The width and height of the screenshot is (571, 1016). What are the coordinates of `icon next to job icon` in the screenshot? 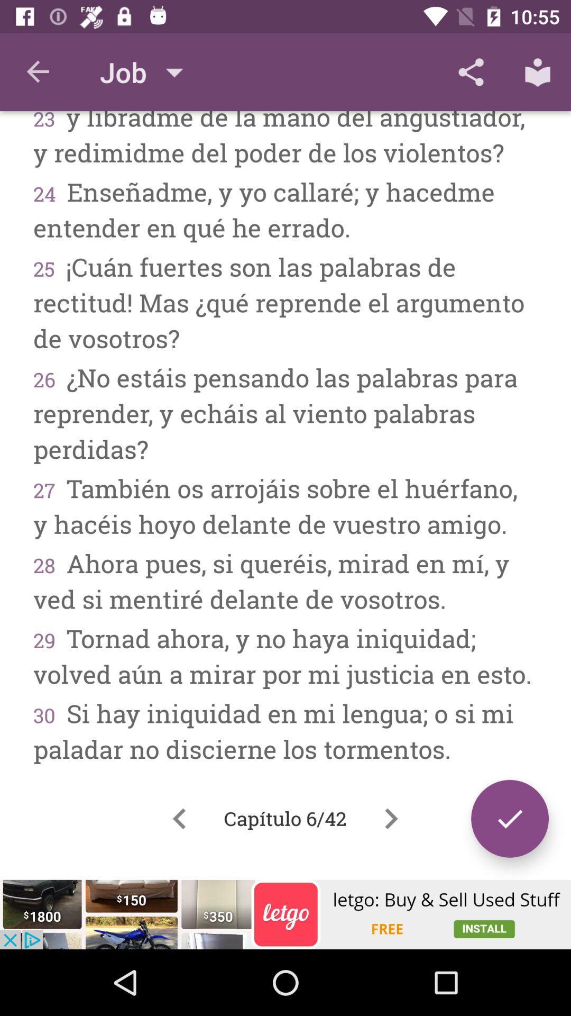 It's located at (38, 71).